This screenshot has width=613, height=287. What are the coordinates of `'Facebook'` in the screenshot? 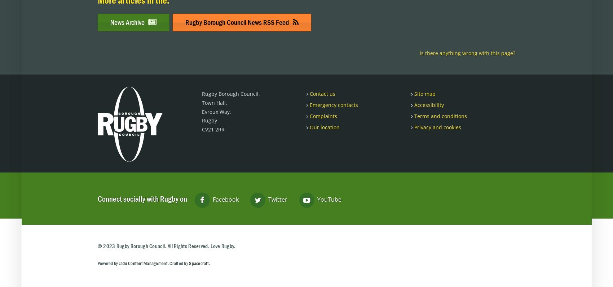 It's located at (210, 199).